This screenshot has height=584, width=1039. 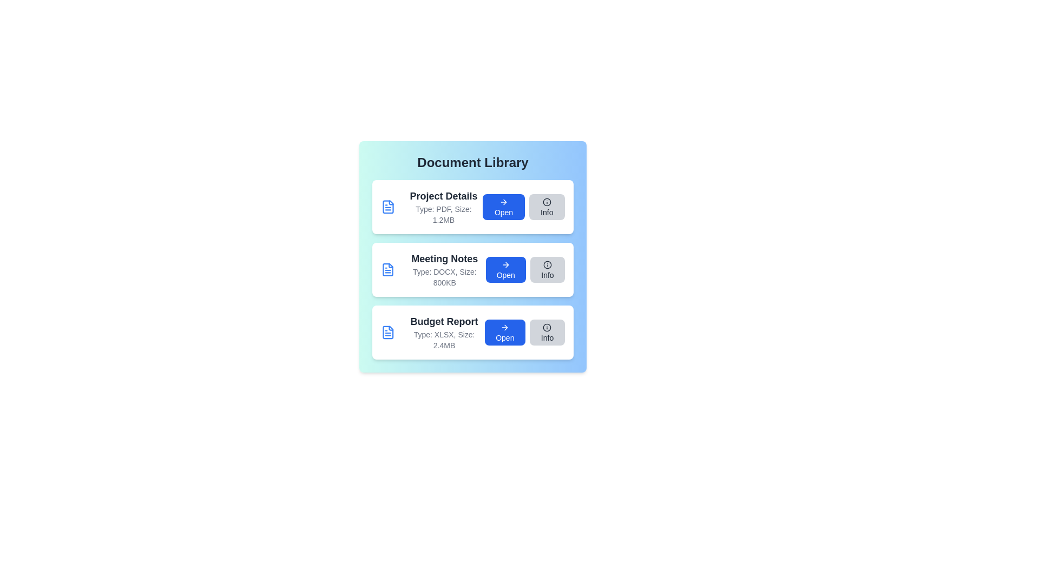 I want to click on the document card corresponding to Budget Report, so click(x=472, y=331).